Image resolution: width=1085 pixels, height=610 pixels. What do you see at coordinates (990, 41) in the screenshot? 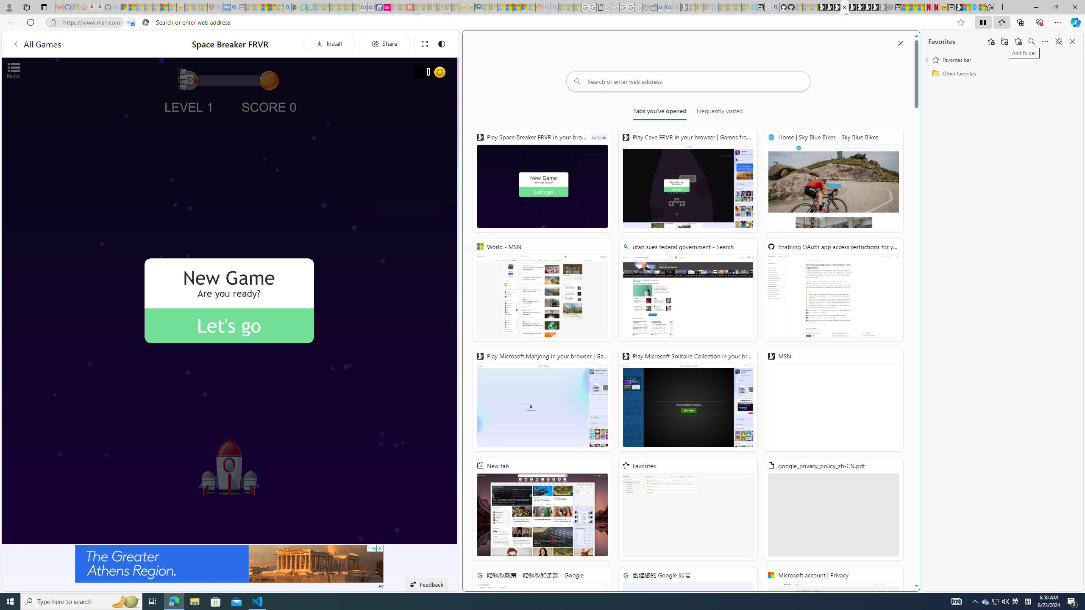
I see `'Add this page to favorites'` at bounding box center [990, 41].